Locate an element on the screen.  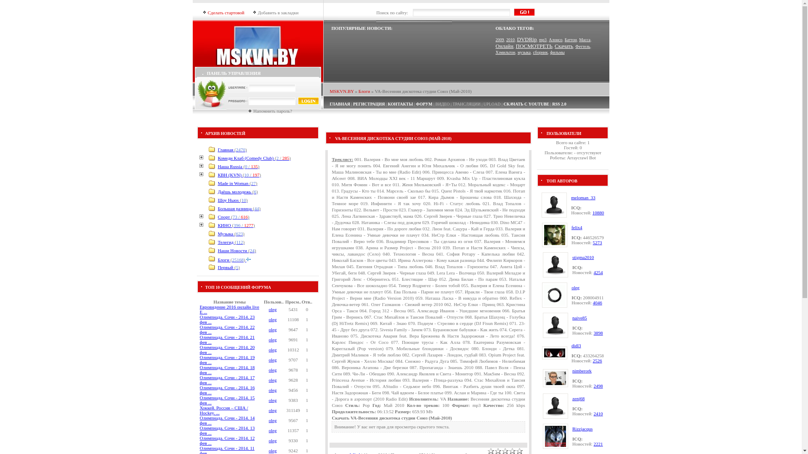
'10880' is located at coordinates (598, 212).